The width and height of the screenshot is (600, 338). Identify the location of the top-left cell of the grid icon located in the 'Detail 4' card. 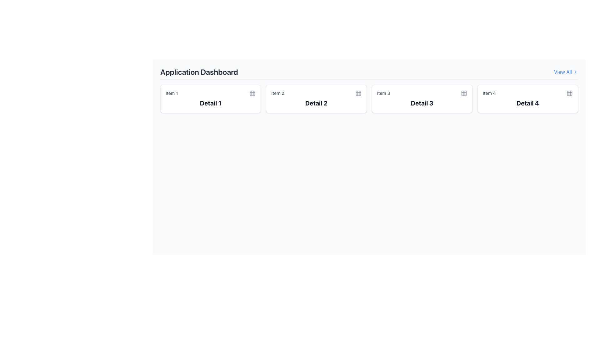
(570, 93).